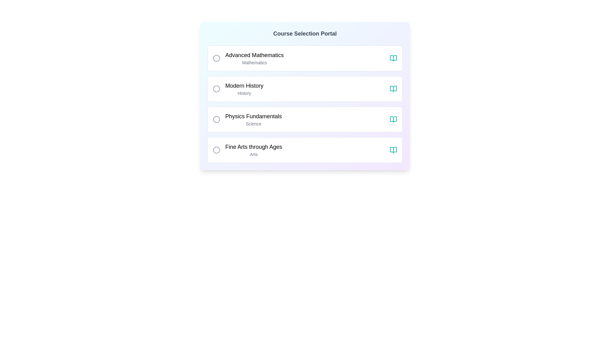 This screenshot has height=337, width=600. I want to click on text label titled 'Modern History', which serves as the title for the course category positioned in the second option of a vertically aligned list of course categories, so click(244, 85).